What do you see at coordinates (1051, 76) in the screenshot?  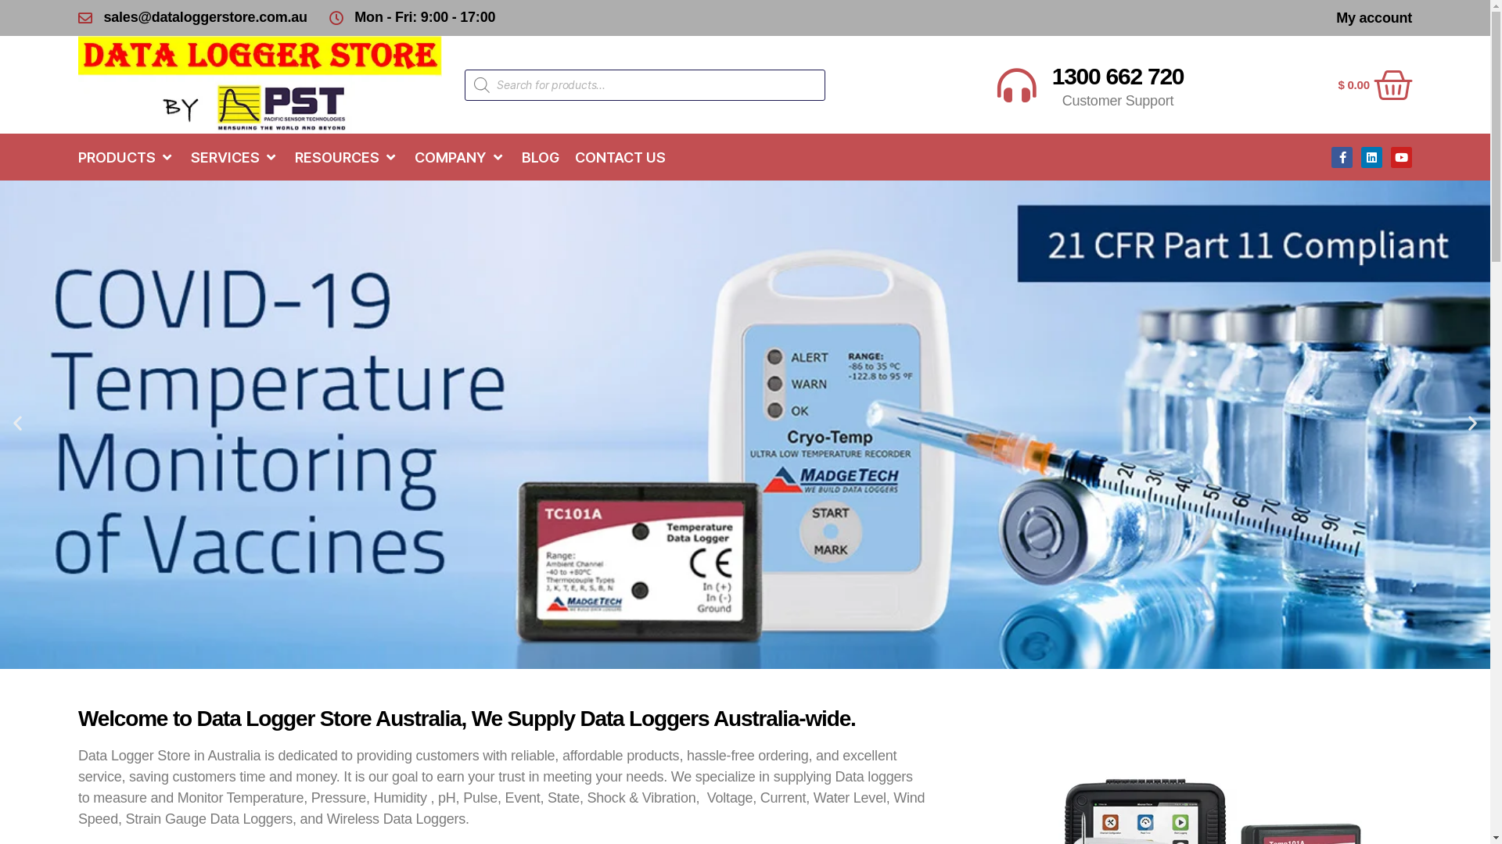 I see `'1300 662 720'` at bounding box center [1051, 76].